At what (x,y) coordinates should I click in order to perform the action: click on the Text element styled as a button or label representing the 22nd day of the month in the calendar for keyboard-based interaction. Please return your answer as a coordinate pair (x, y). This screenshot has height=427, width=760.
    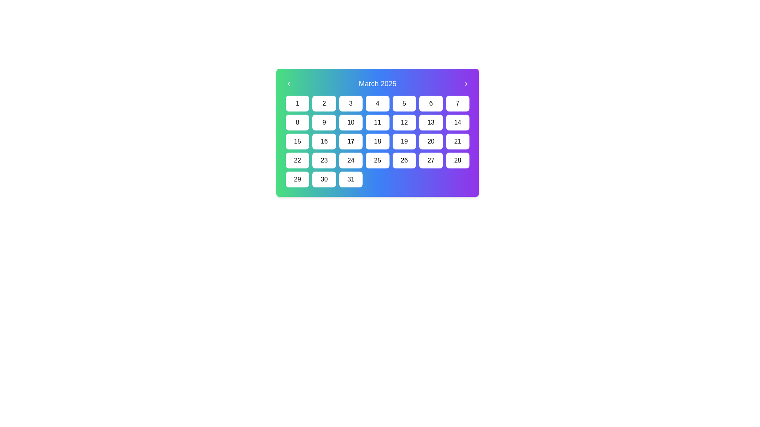
    Looking at the image, I should click on (297, 160).